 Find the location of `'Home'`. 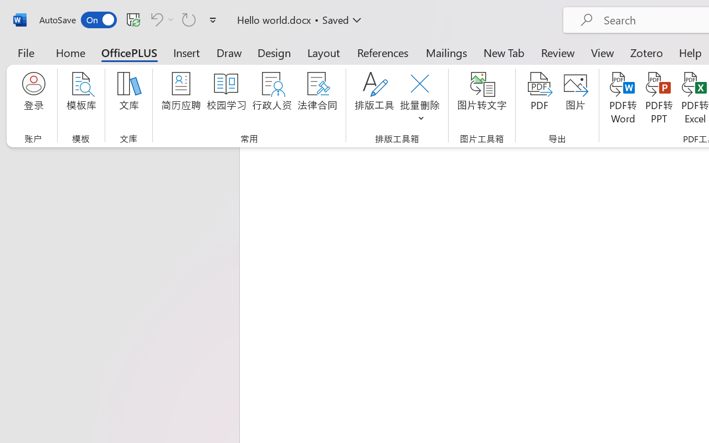

'Home' is located at coordinates (70, 52).